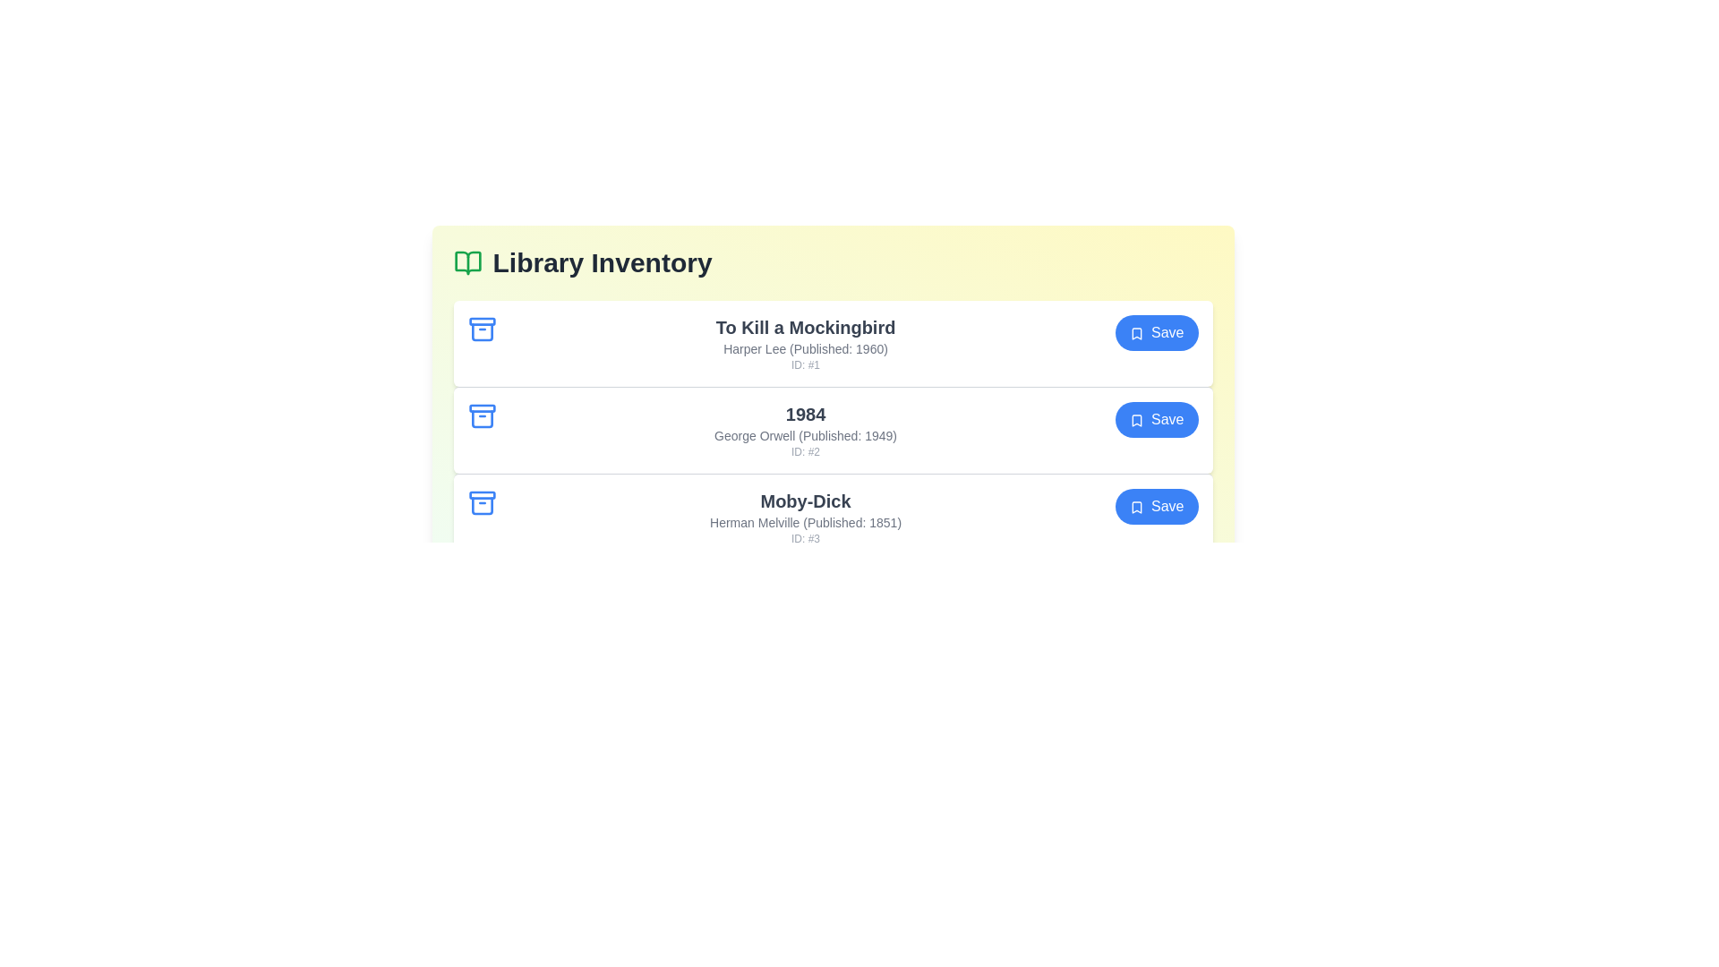  Describe the element at coordinates (805, 328) in the screenshot. I see `the book title to select it. Specify the title of the book as To Kill a Mockingbird` at that location.